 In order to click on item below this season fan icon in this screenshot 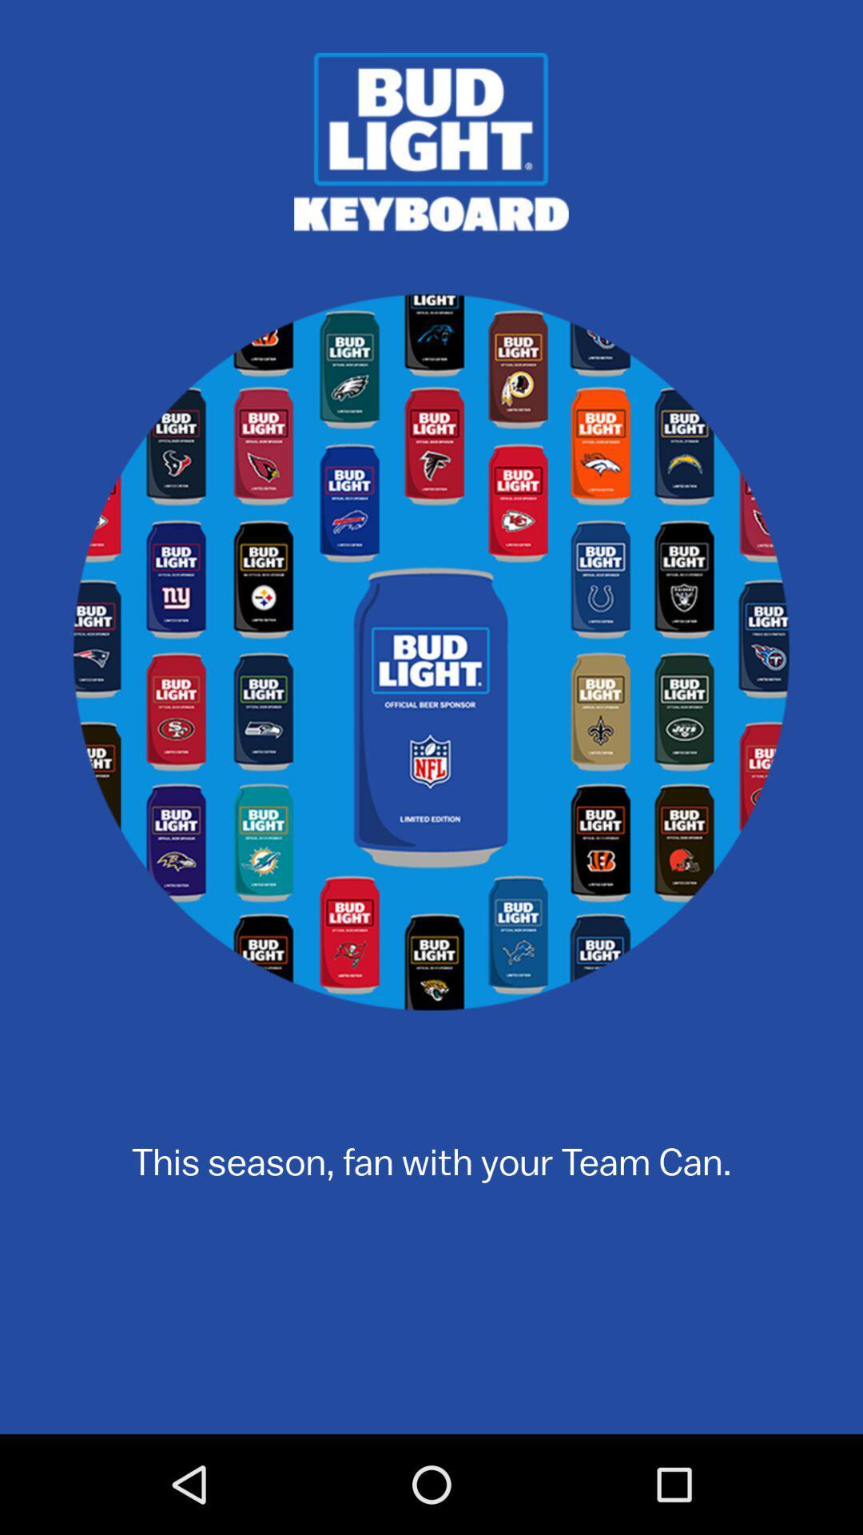, I will do `click(431, 1357)`.